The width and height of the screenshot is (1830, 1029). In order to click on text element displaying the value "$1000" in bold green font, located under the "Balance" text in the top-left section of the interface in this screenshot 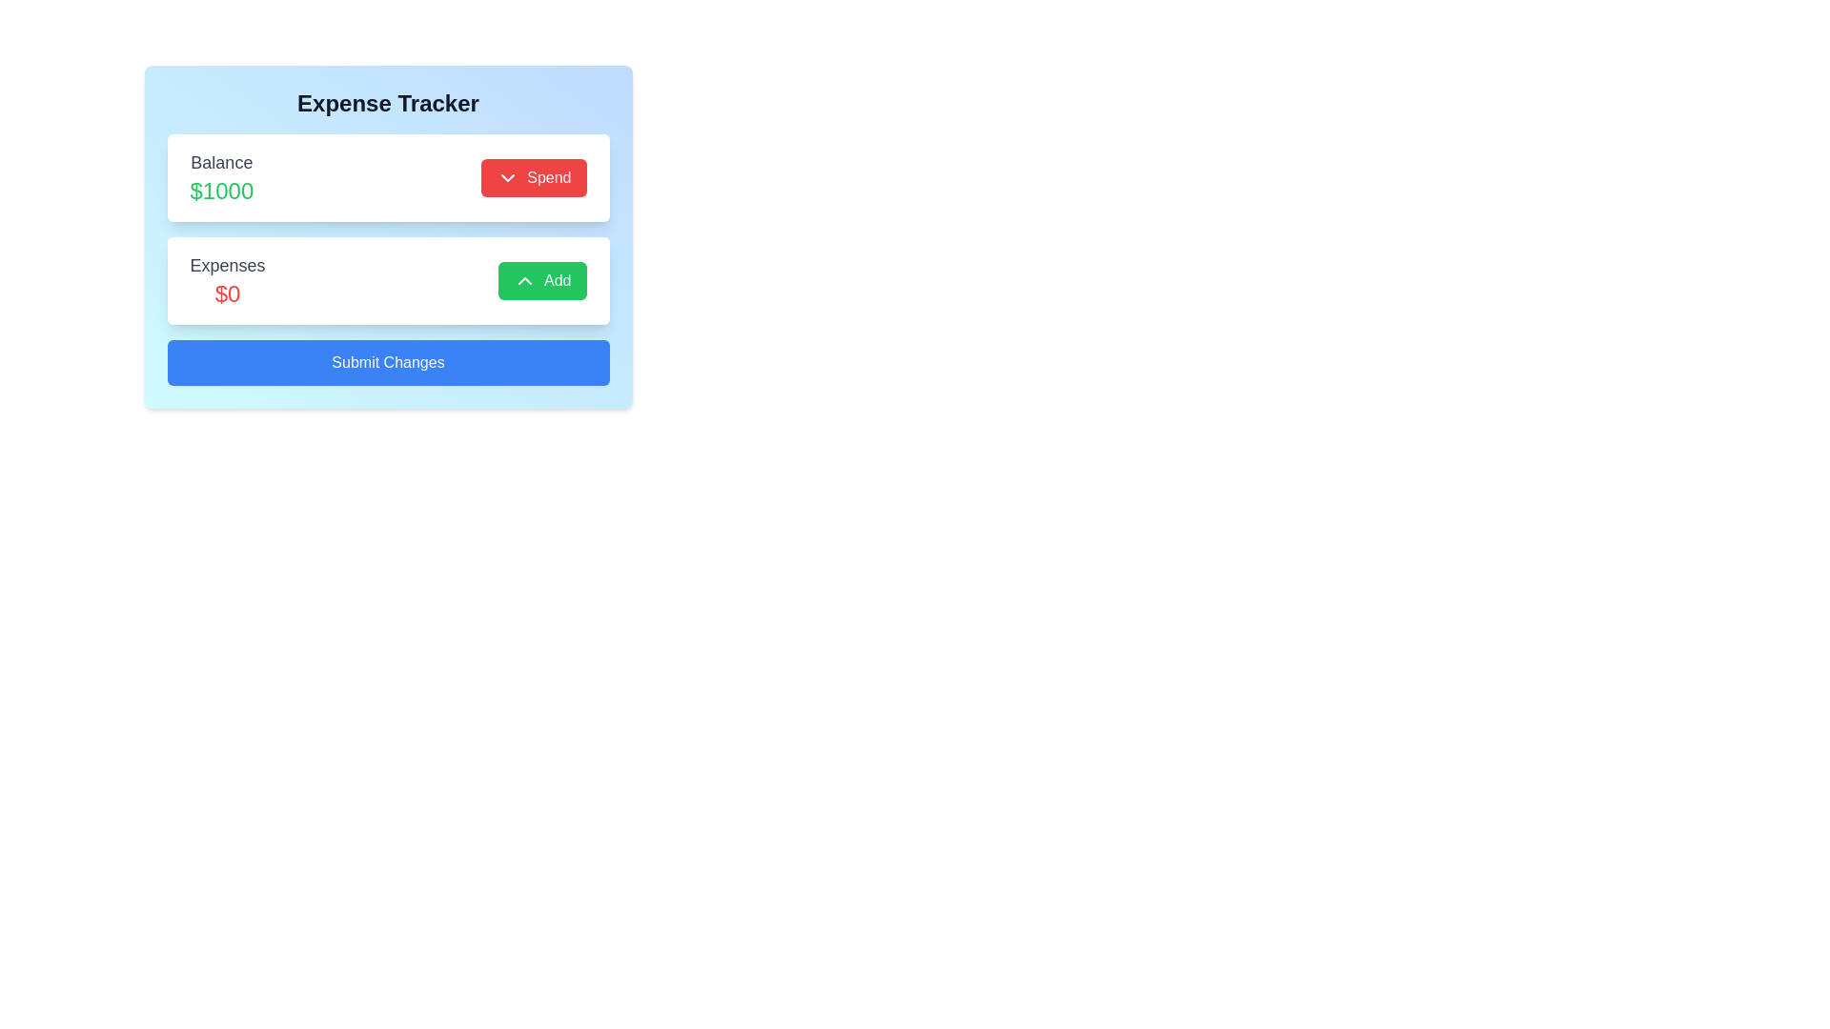, I will do `click(221, 191)`.